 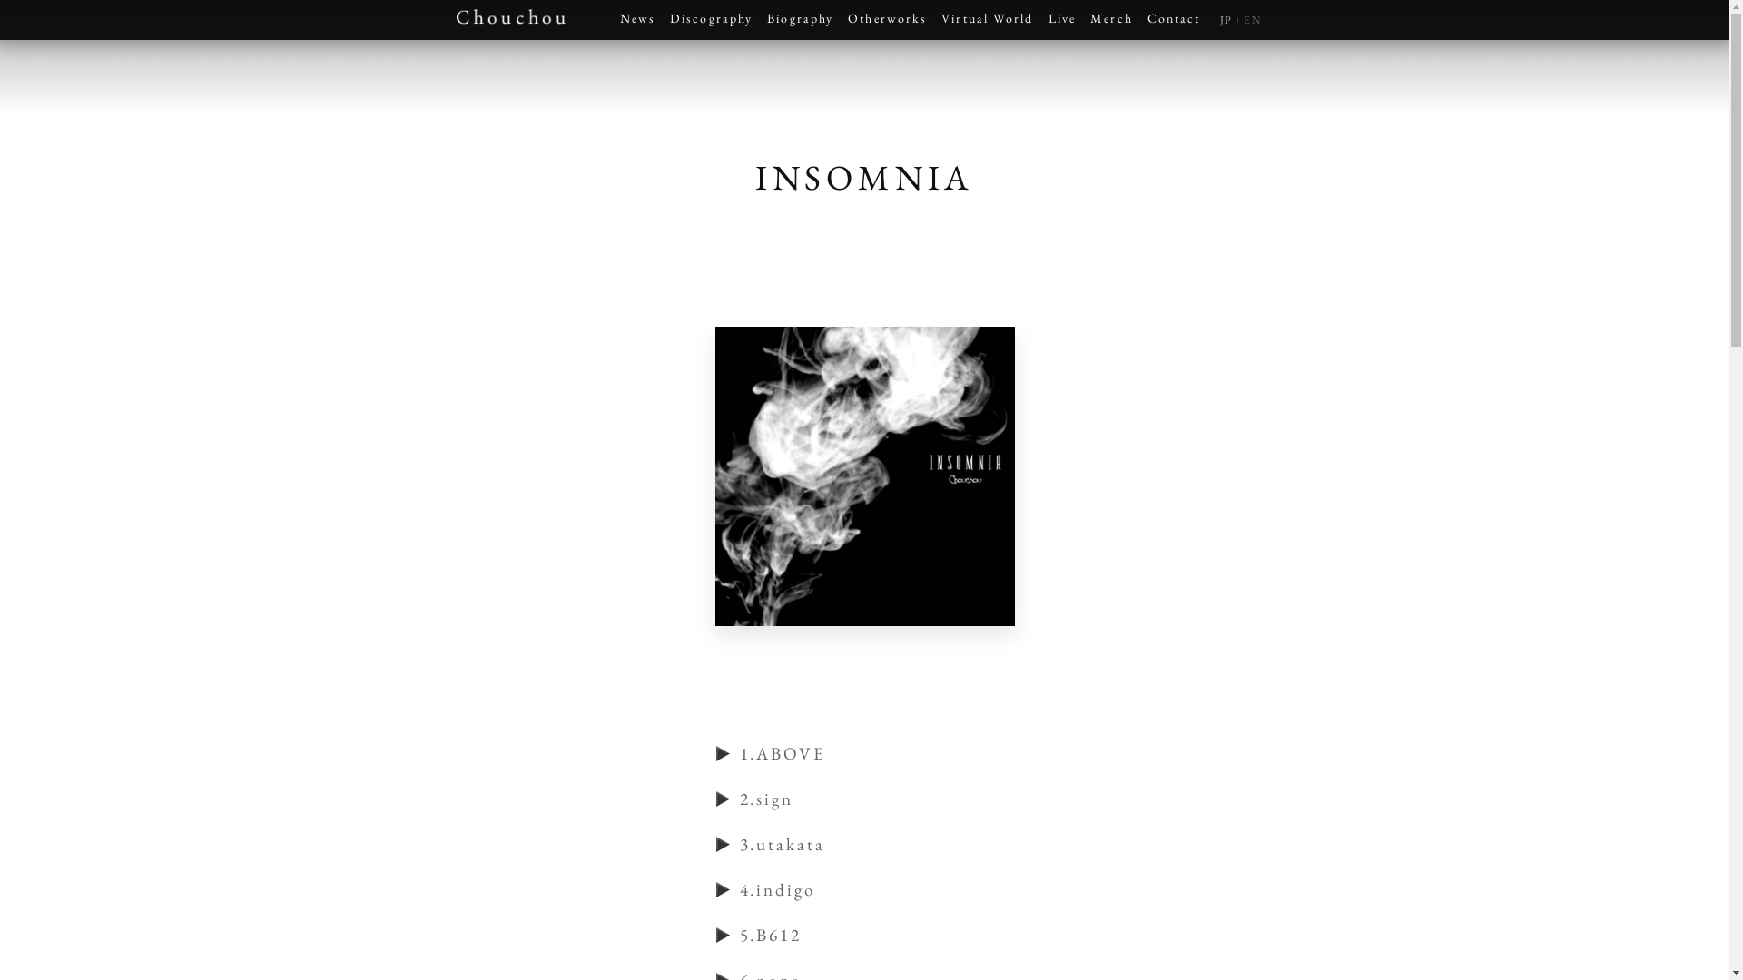 I want to click on 'Otherworks', so click(x=887, y=19).